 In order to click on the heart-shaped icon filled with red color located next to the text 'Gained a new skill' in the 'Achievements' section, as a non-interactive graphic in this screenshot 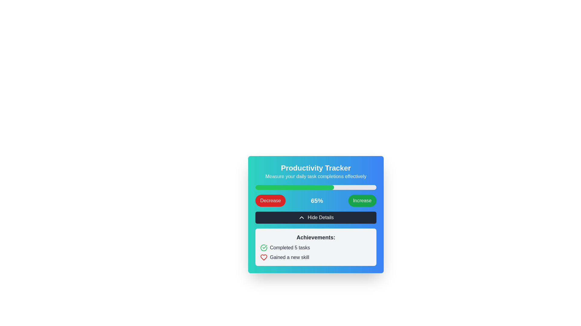, I will do `click(264, 257)`.